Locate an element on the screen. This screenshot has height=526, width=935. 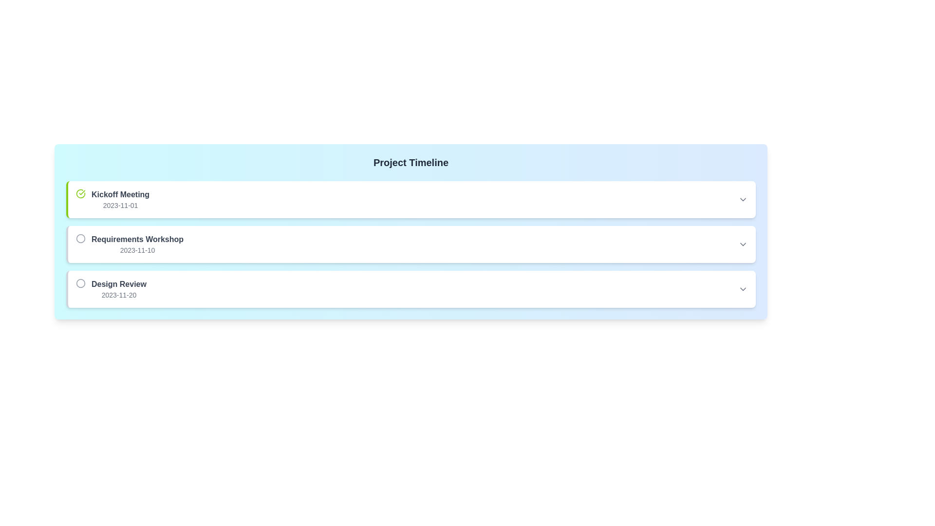
text label that displays the title and date of the event located in the second row of the event list, positioned to the right of a circle icon is located at coordinates (137, 244).